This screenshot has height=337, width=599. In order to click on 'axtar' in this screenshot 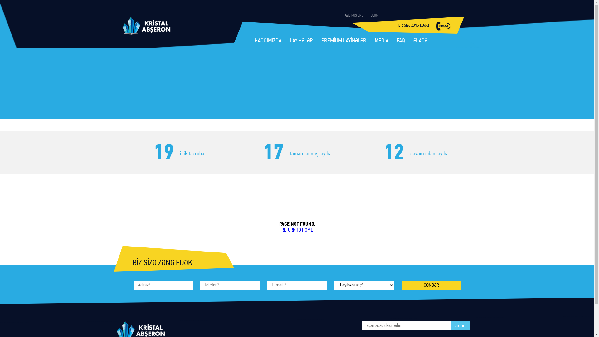, I will do `click(460, 325)`.